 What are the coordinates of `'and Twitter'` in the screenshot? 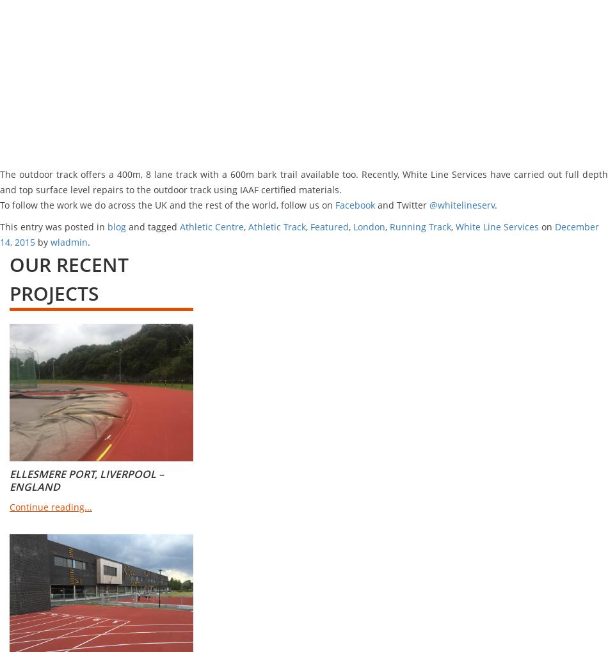 It's located at (402, 204).